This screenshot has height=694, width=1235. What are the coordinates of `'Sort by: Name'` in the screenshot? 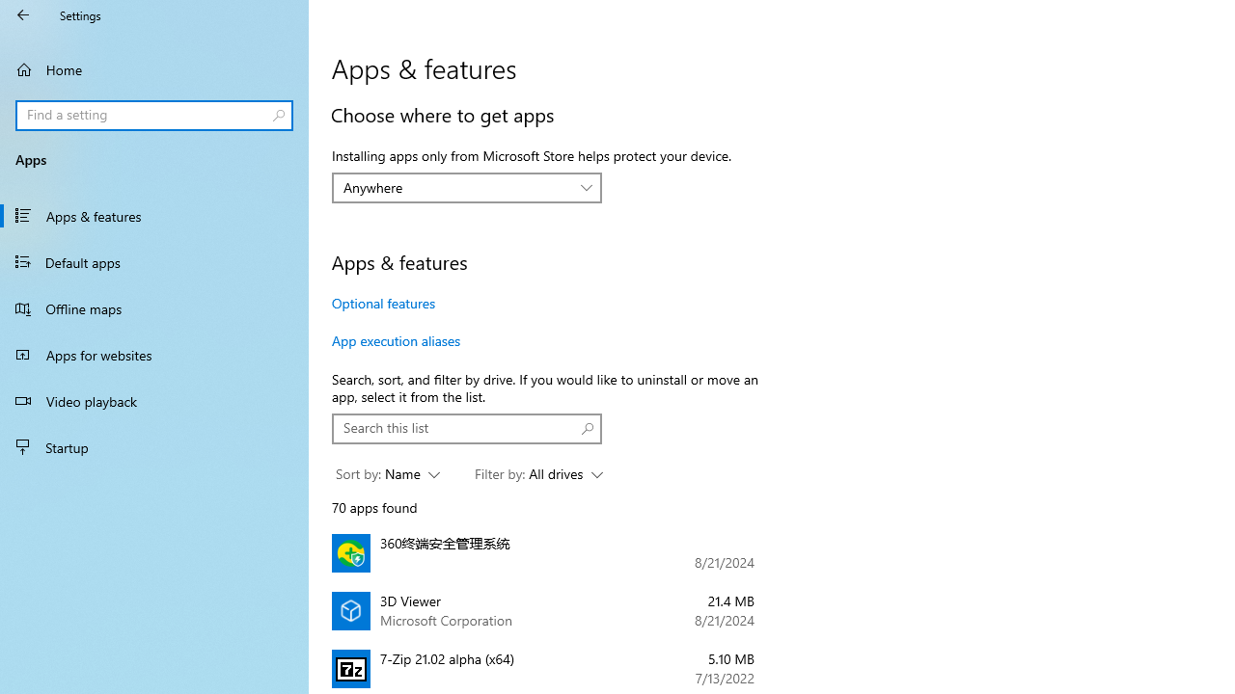 It's located at (386, 474).